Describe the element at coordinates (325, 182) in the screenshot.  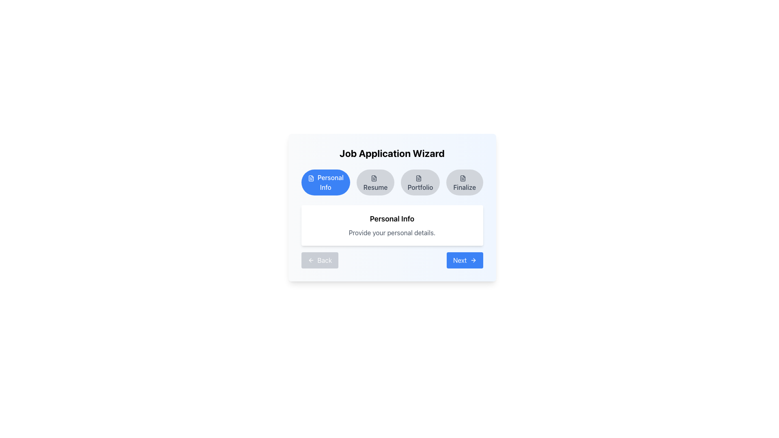
I see `the first circular button from the left in the navigation row` at that location.